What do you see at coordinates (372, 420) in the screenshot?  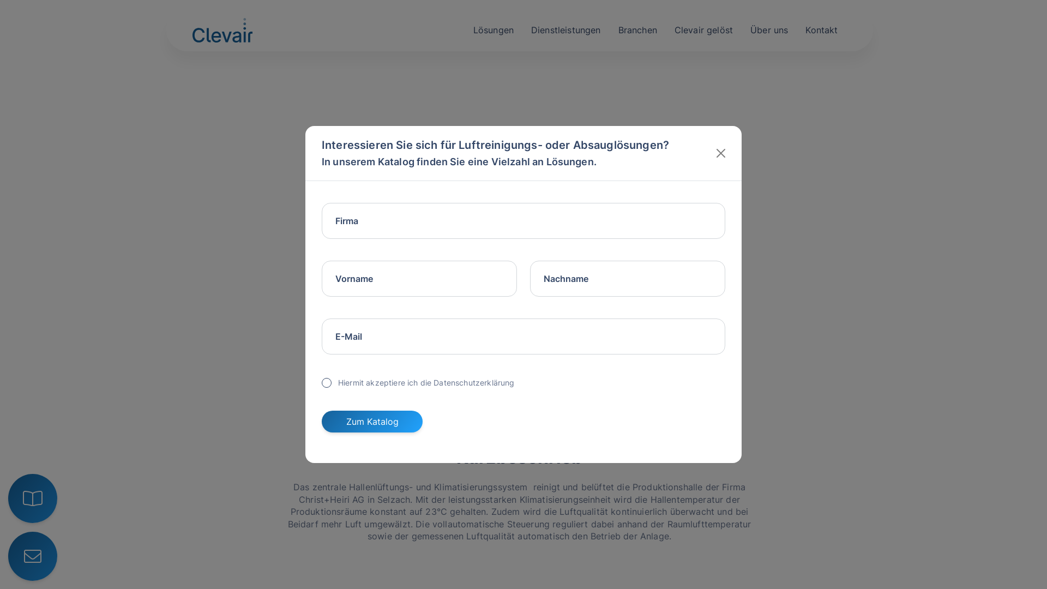 I see `'Zum Katalog'` at bounding box center [372, 420].